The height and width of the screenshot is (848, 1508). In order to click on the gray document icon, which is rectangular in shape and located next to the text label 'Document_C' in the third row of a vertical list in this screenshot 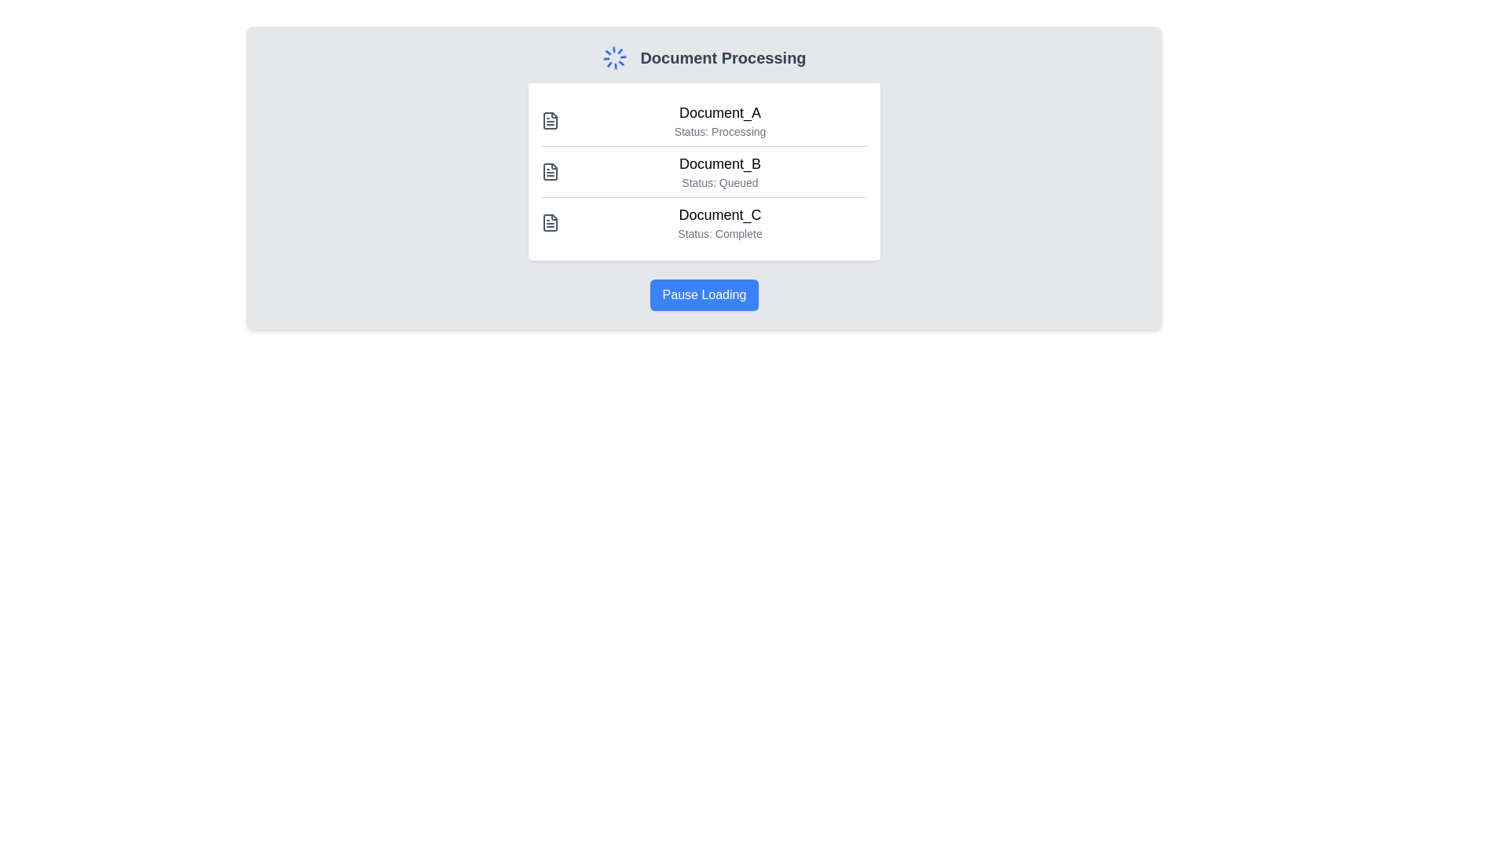, I will do `click(550, 223)`.